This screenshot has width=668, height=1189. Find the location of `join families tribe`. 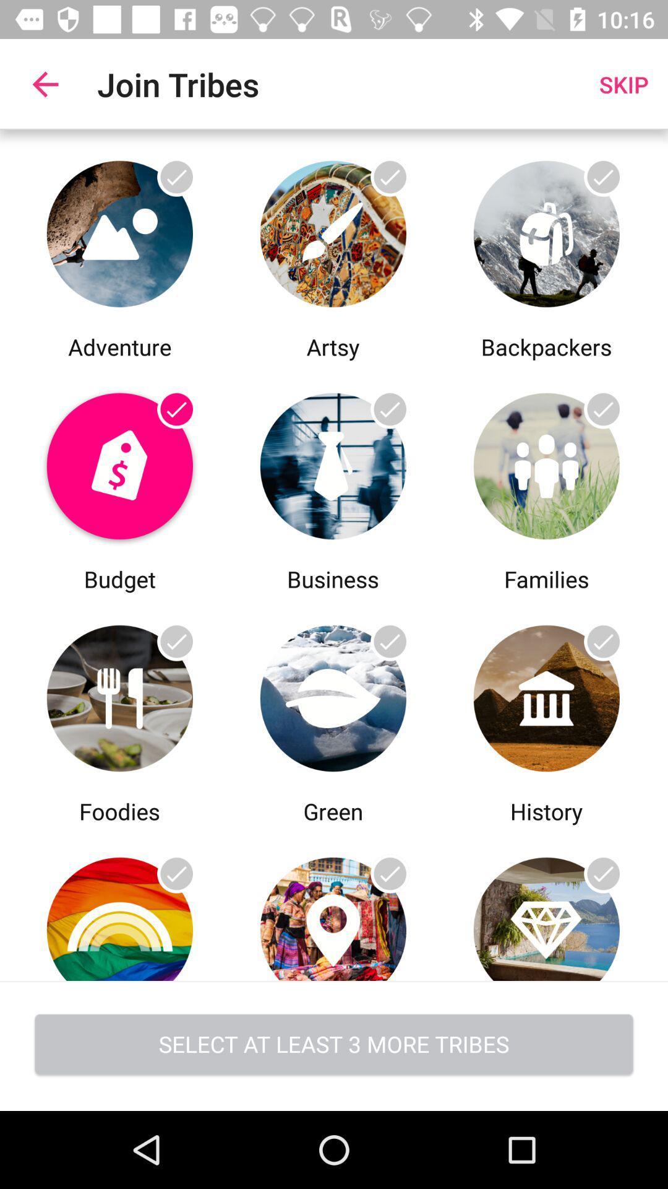

join families tribe is located at coordinates (546, 462).